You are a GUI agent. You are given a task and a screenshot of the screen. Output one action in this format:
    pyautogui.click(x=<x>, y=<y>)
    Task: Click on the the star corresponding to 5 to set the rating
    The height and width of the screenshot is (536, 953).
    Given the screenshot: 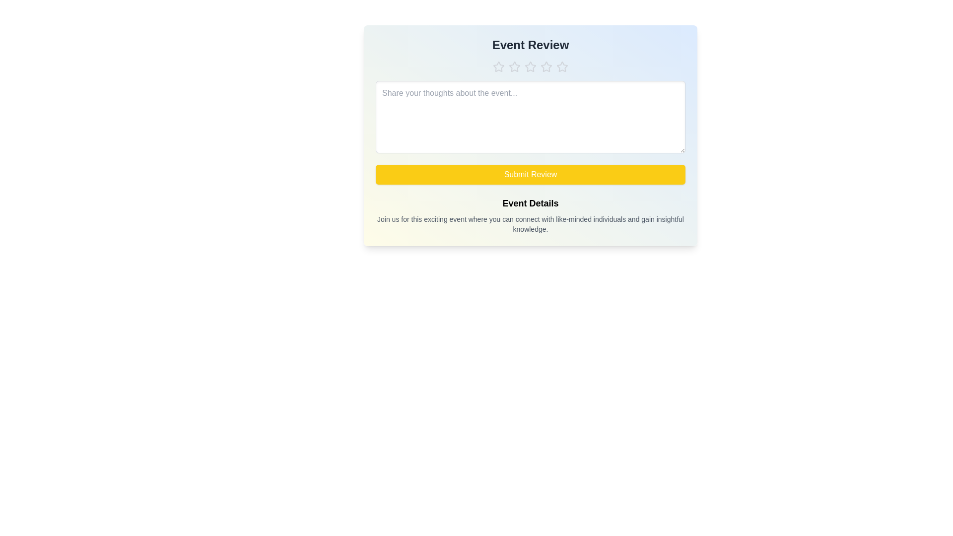 What is the action you would take?
    pyautogui.click(x=562, y=67)
    